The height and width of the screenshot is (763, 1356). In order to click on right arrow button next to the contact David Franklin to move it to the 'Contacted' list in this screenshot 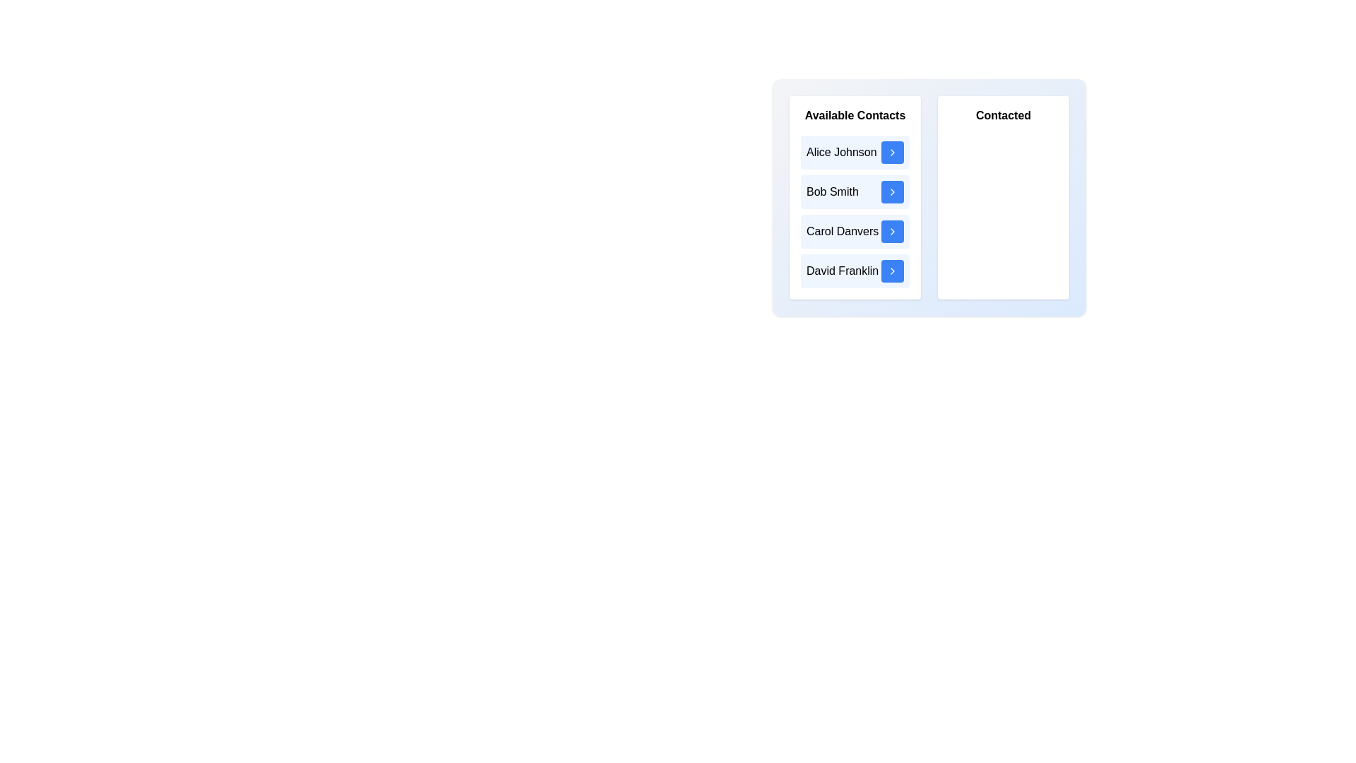, I will do `click(891, 271)`.